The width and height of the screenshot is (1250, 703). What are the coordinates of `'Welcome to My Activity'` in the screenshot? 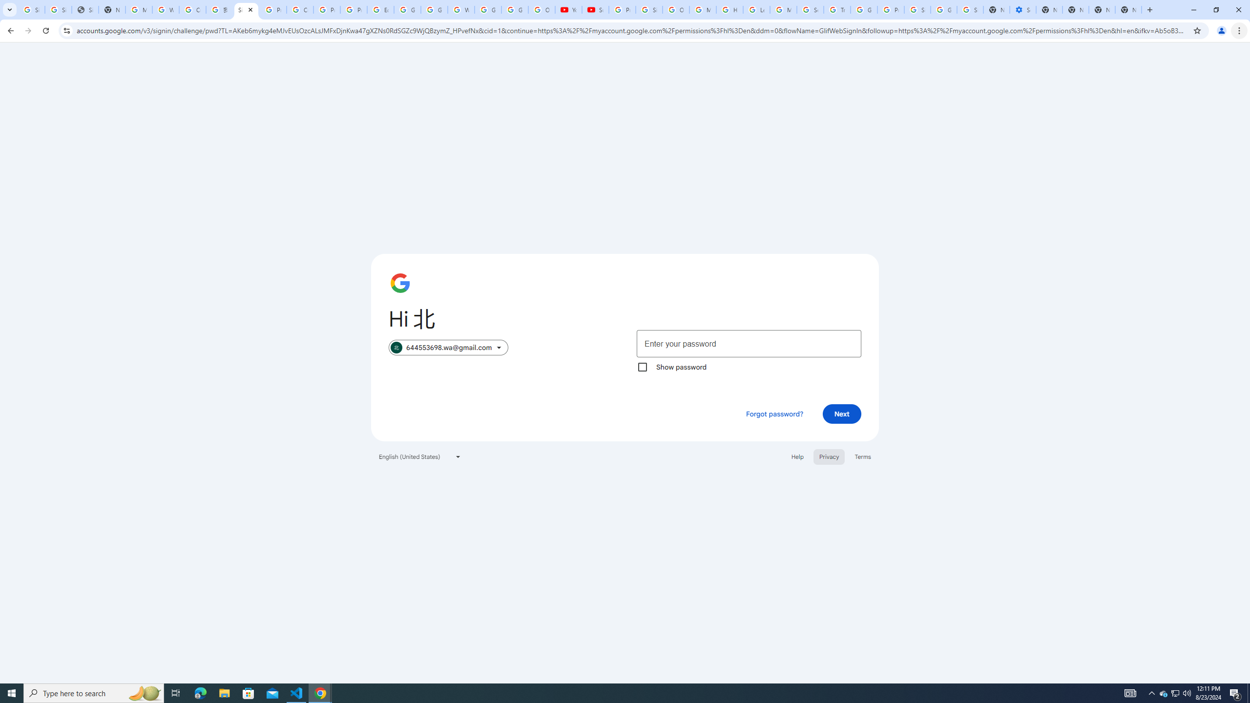 It's located at (460, 9).